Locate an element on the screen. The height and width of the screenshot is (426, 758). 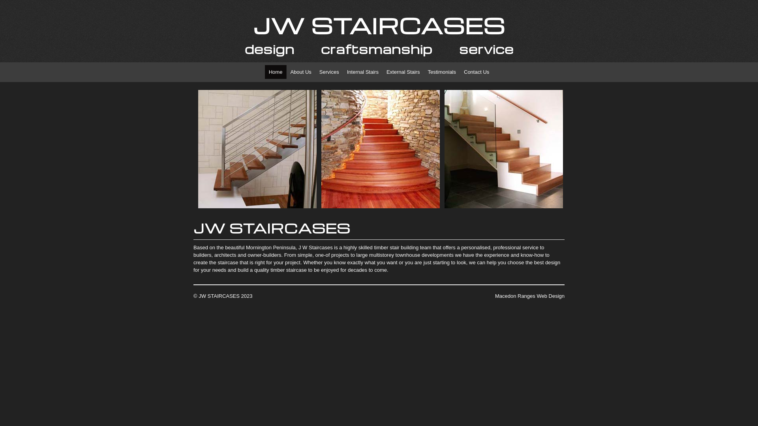
'Home' is located at coordinates (276, 72).